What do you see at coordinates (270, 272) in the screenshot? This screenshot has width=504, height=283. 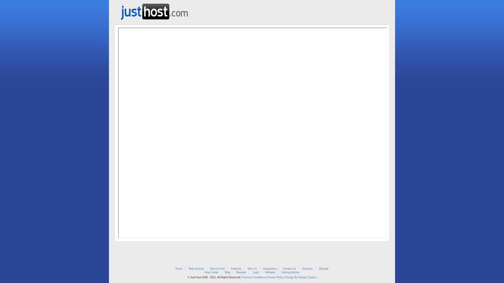 I see `'Affiliates'` at bounding box center [270, 272].